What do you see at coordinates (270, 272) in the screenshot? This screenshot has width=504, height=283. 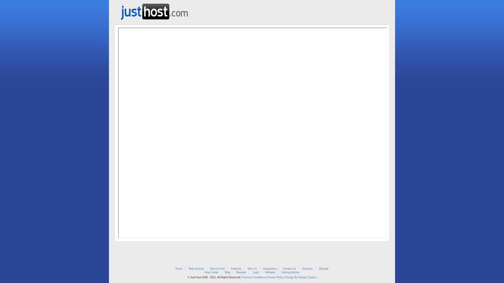 I see `'Affiliates'` at bounding box center [270, 272].